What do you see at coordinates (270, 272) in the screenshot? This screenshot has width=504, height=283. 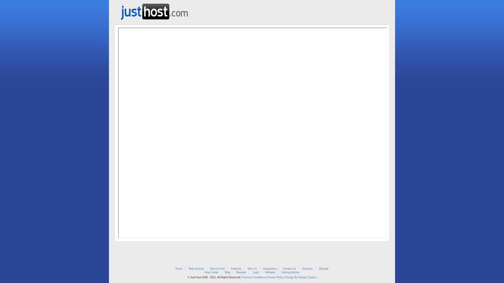 I see `'Affiliates'` at bounding box center [270, 272].